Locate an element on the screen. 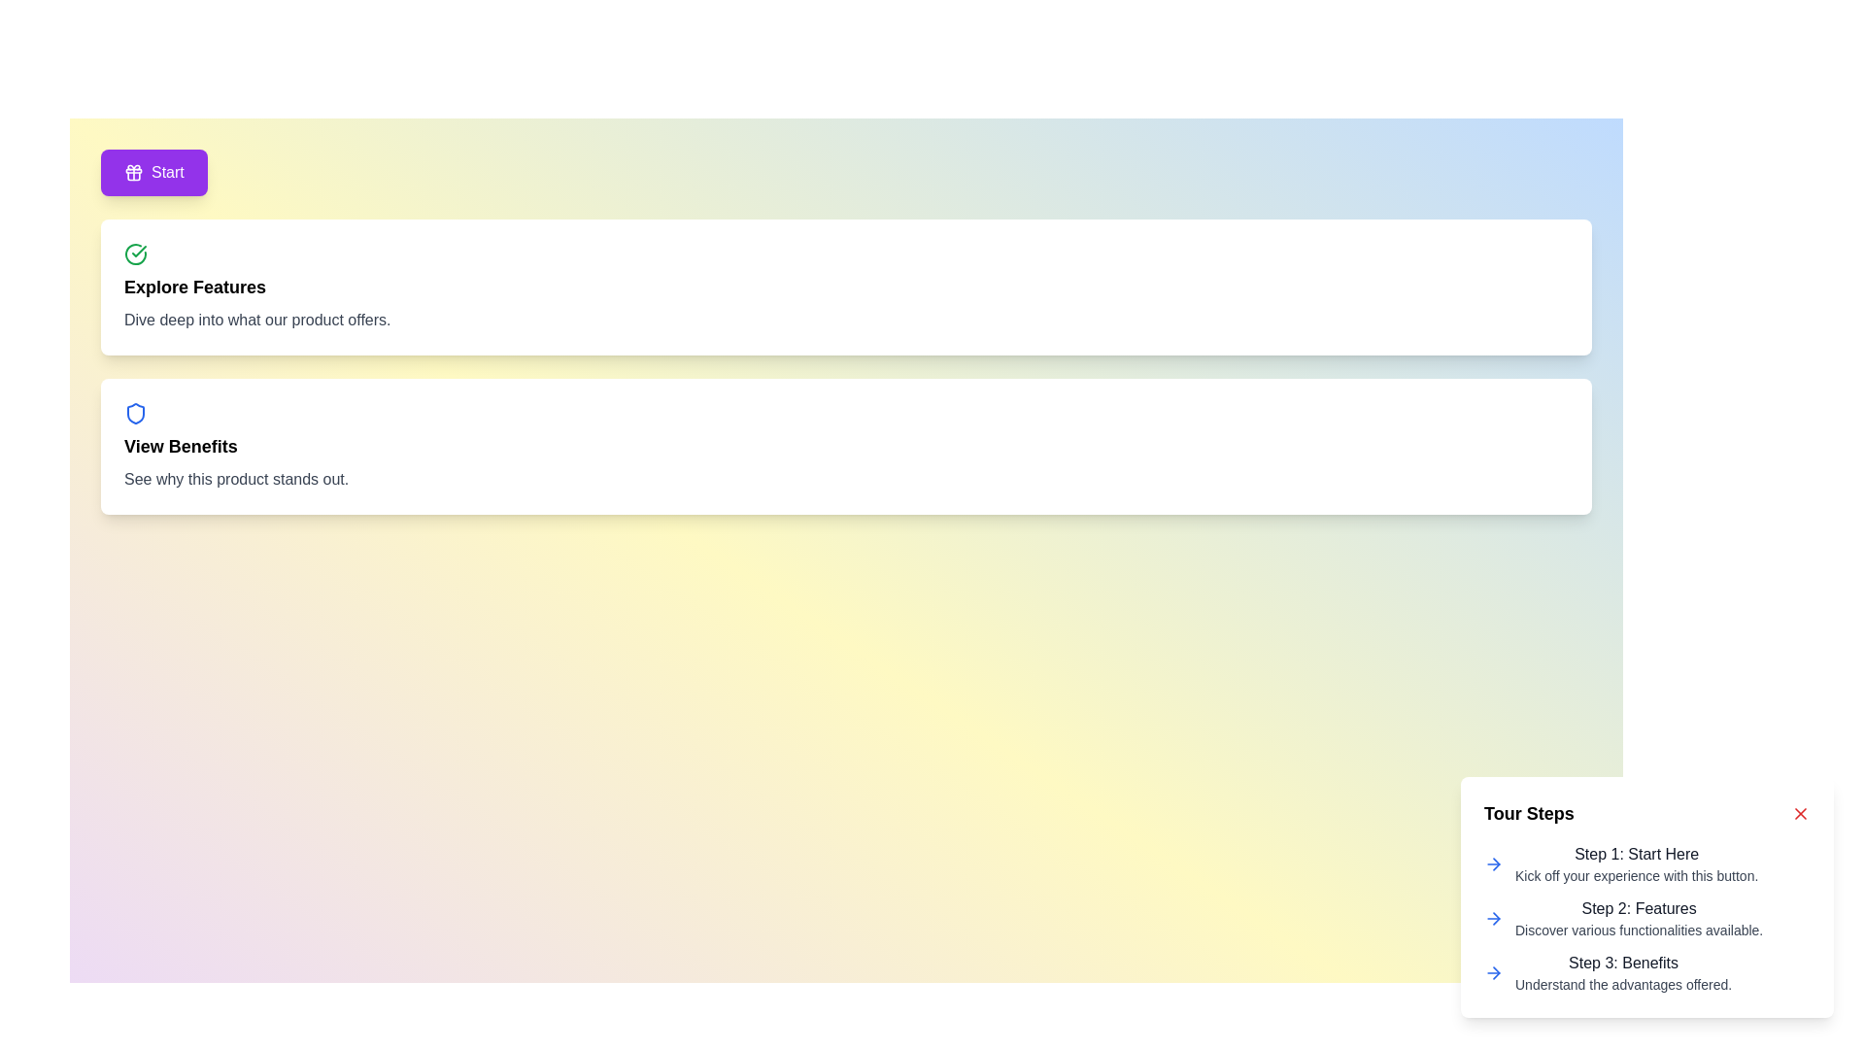  the appearance of the green checkmark icon with a rounded stroke style, located within the 'Explore Features' card under a green circular icon in the upper left section of the layout is located at coordinates (138, 250).